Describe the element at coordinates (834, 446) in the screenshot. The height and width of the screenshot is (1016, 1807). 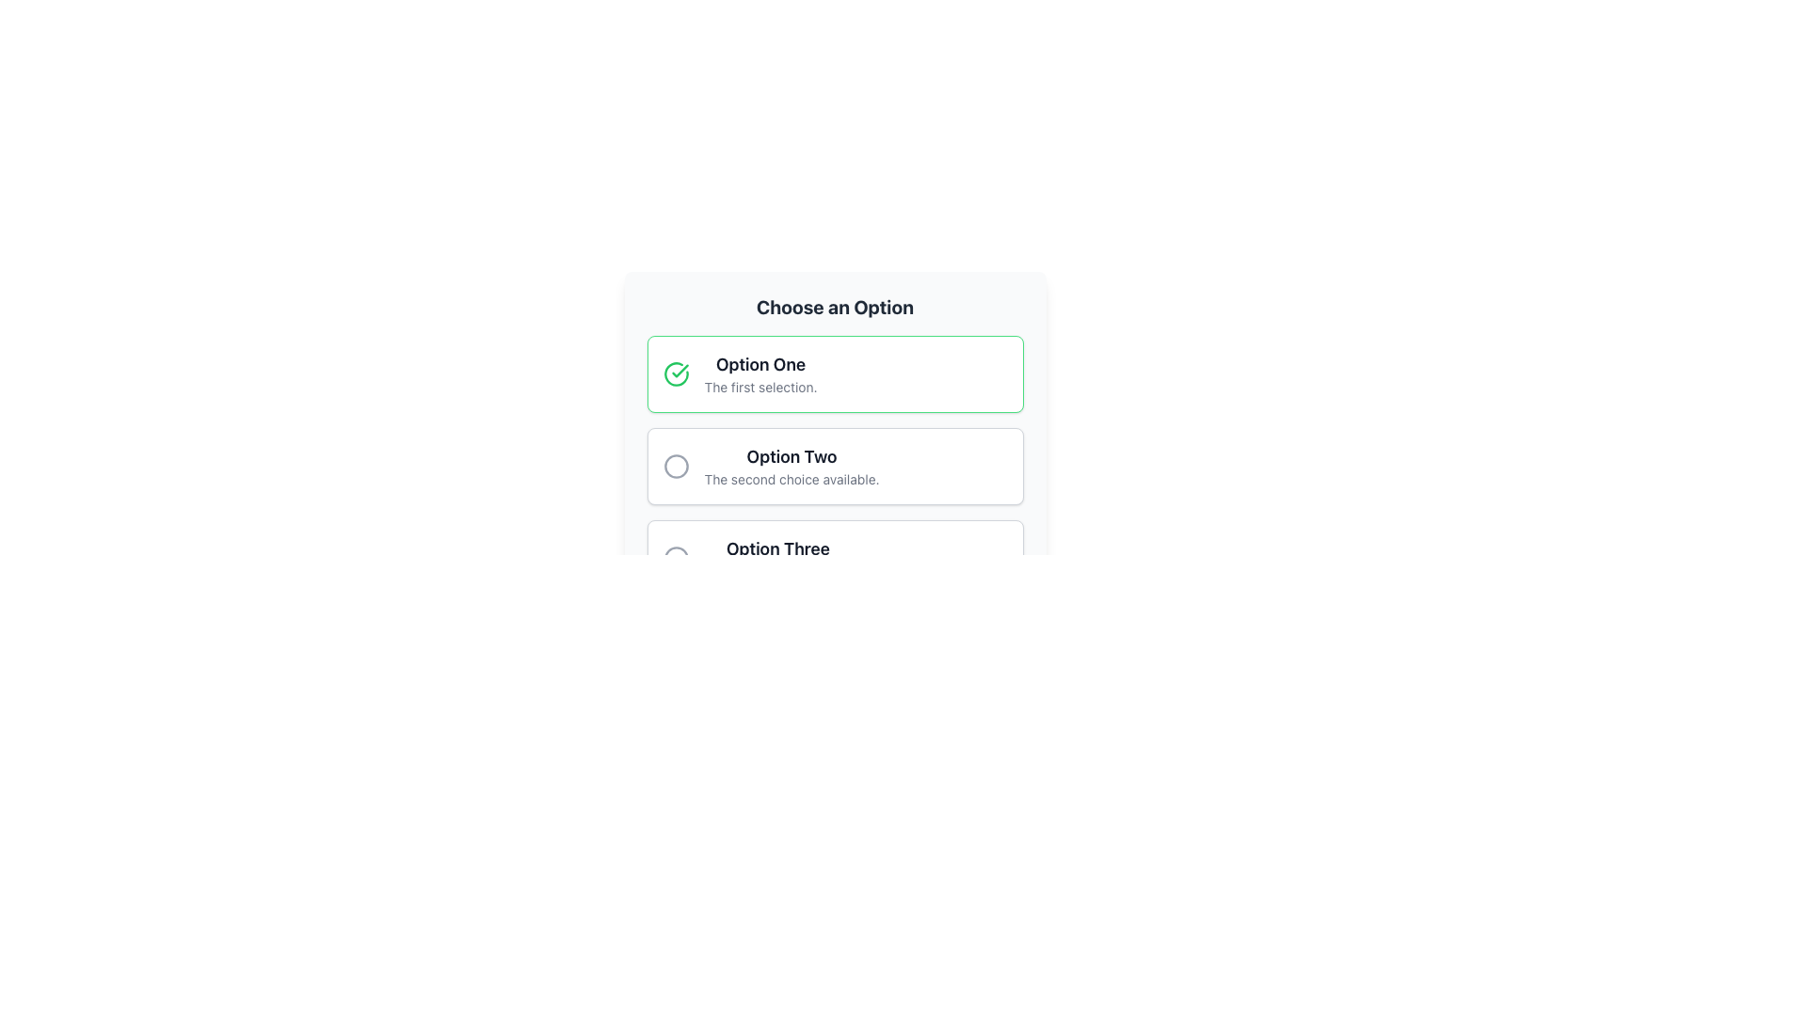
I see `the 'Option Two' button-like selectable option` at that location.